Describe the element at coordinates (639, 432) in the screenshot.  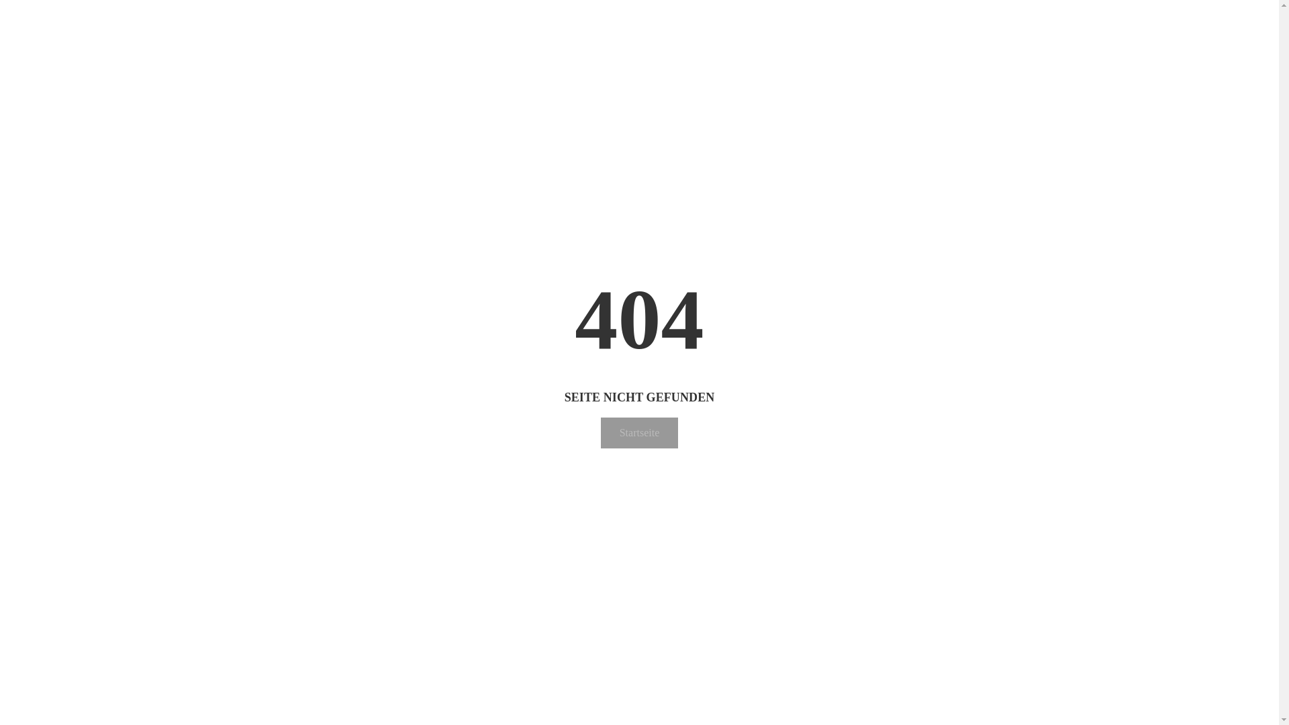
I see `'Startseite'` at that location.